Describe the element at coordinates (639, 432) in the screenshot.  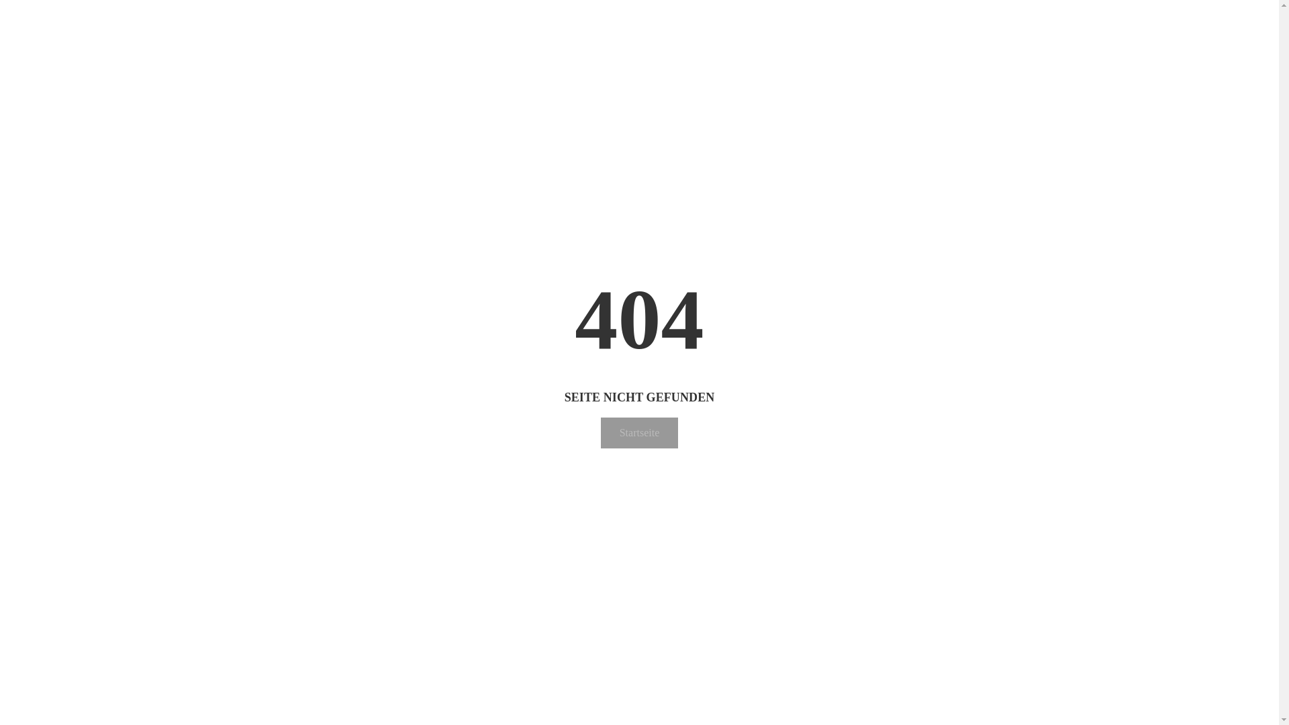
I see `'Startseite'` at that location.